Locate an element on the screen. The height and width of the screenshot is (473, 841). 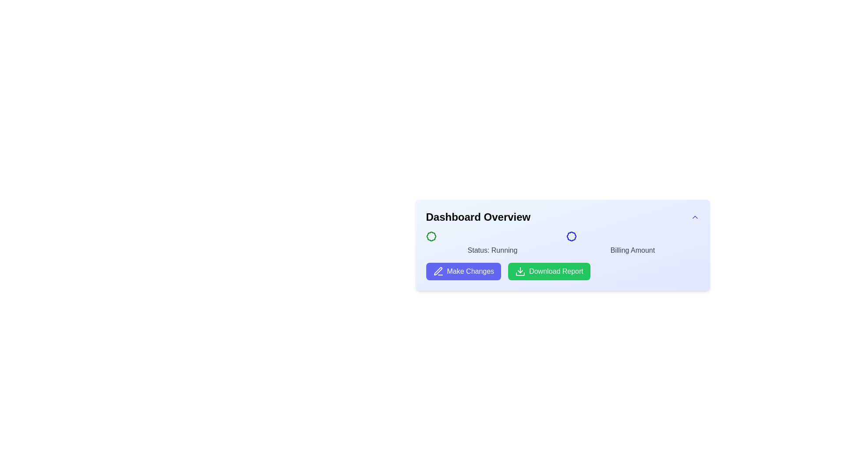
the 'Download Report' button with a green background and white text, located at the bottom of the 'Dashboard Overview' panel is located at coordinates (562, 271).